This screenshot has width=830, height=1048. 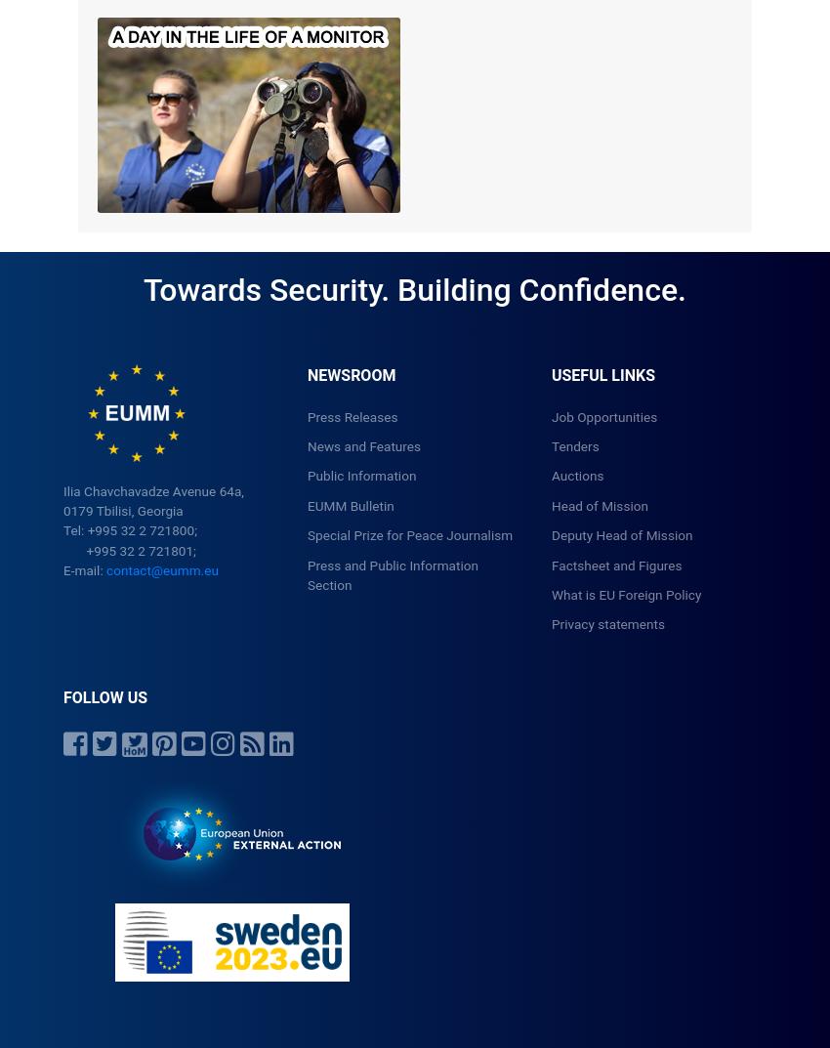 What do you see at coordinates (577, 475) in the screenshot?
I see `'Auctions'` at bounding box center [577, 475].